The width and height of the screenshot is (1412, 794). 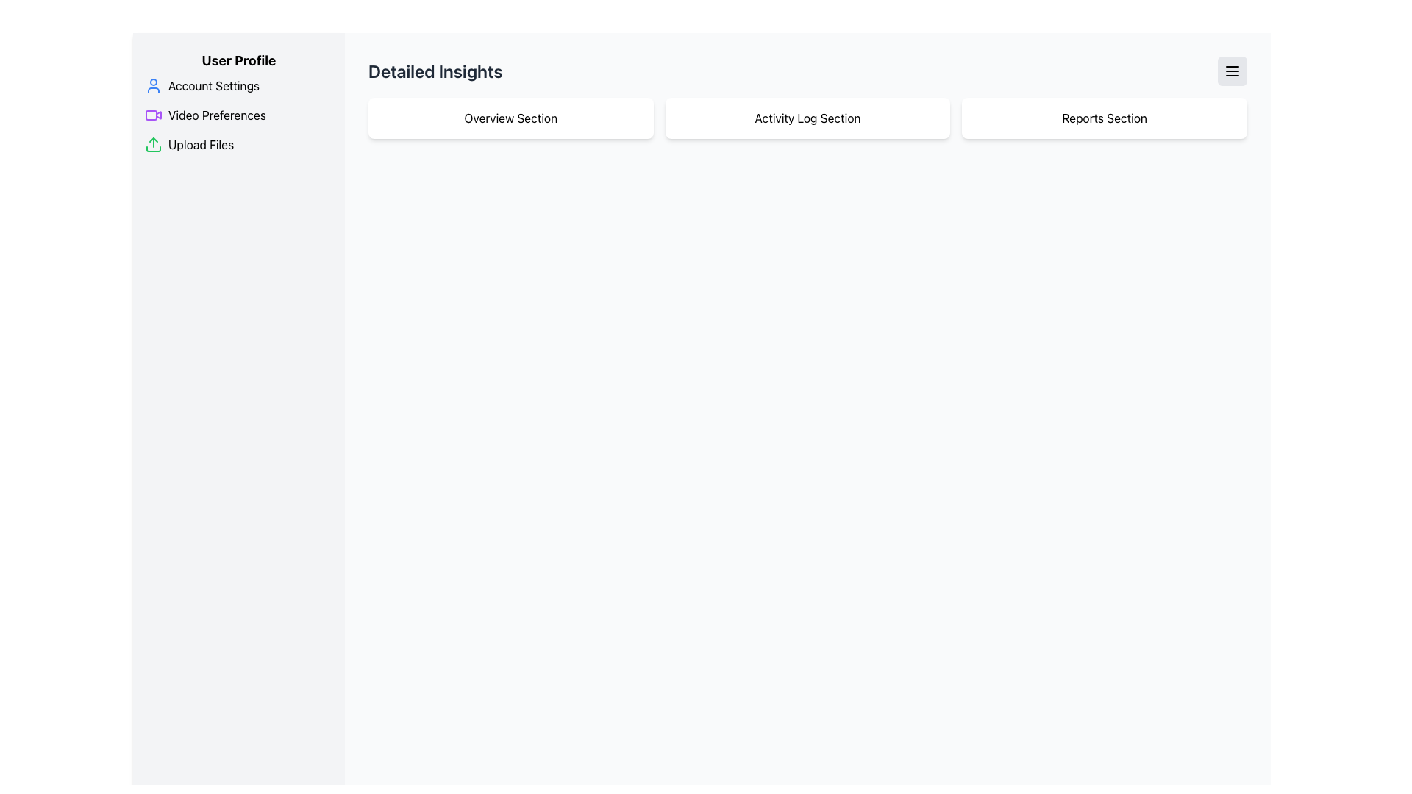 What do you see at coordinates (510, 118) in the screenshot?
I see `the 'Overview Section' button, which is the leftmost component in the navigation row below the 'Detailed Insights' header` at bounding box center [510, 118].